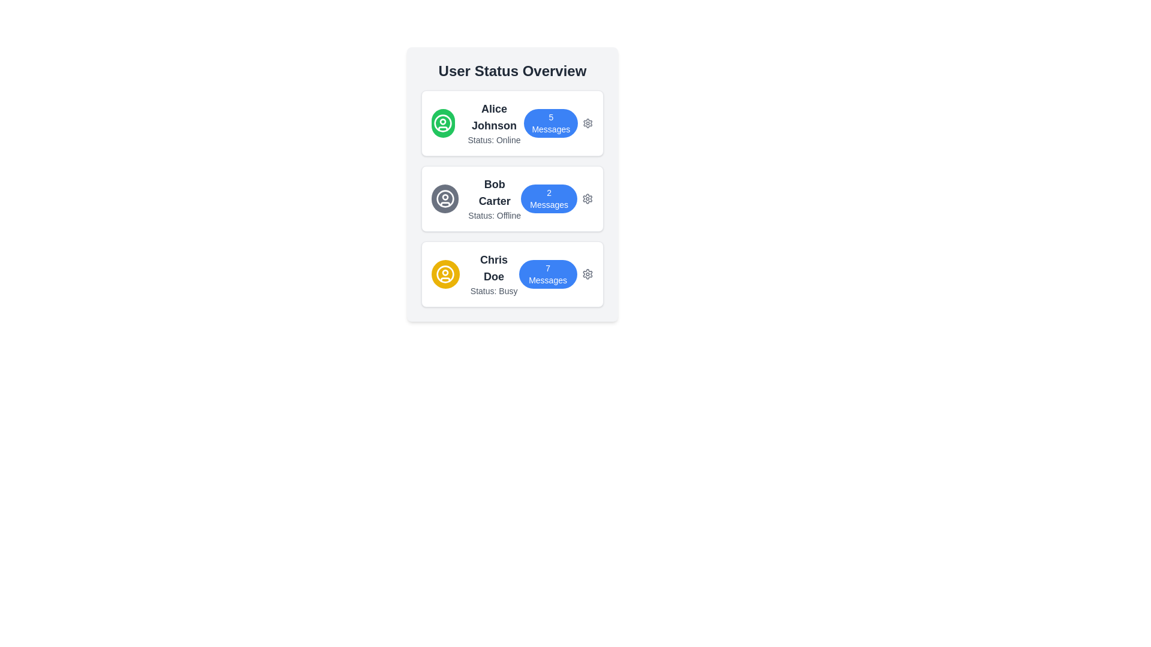 The image size is (1151, 647). I want to click on the Profile Image/Icon representing Alice Johnson's avatar in the user information card, so click(442, 123).